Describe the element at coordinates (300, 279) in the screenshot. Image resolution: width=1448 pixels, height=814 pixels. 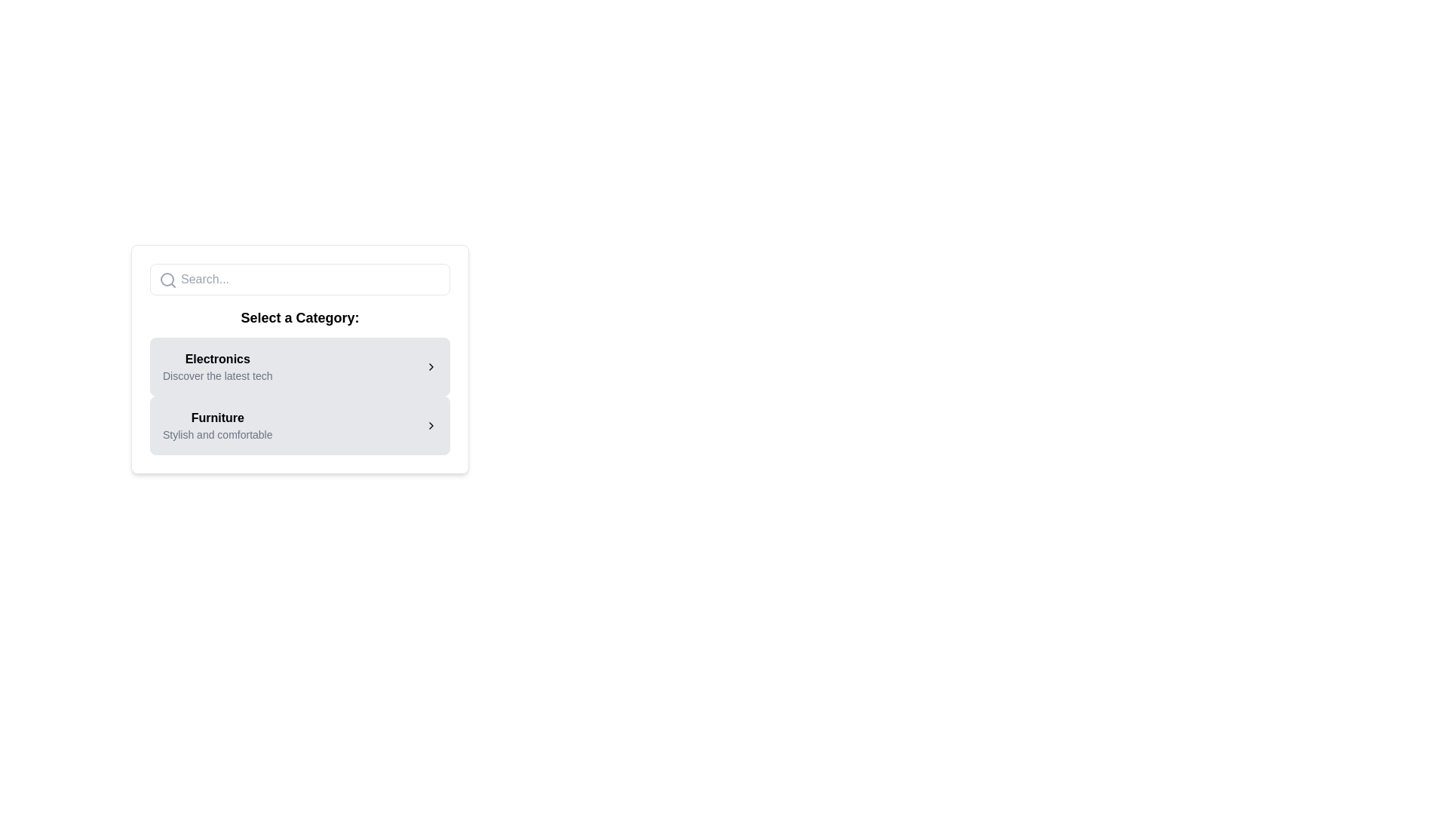
I see `to select text within the search text input field that has a rounded border and a placeholder text 'Search...' located above the header 'Select a Category:'` at that location.